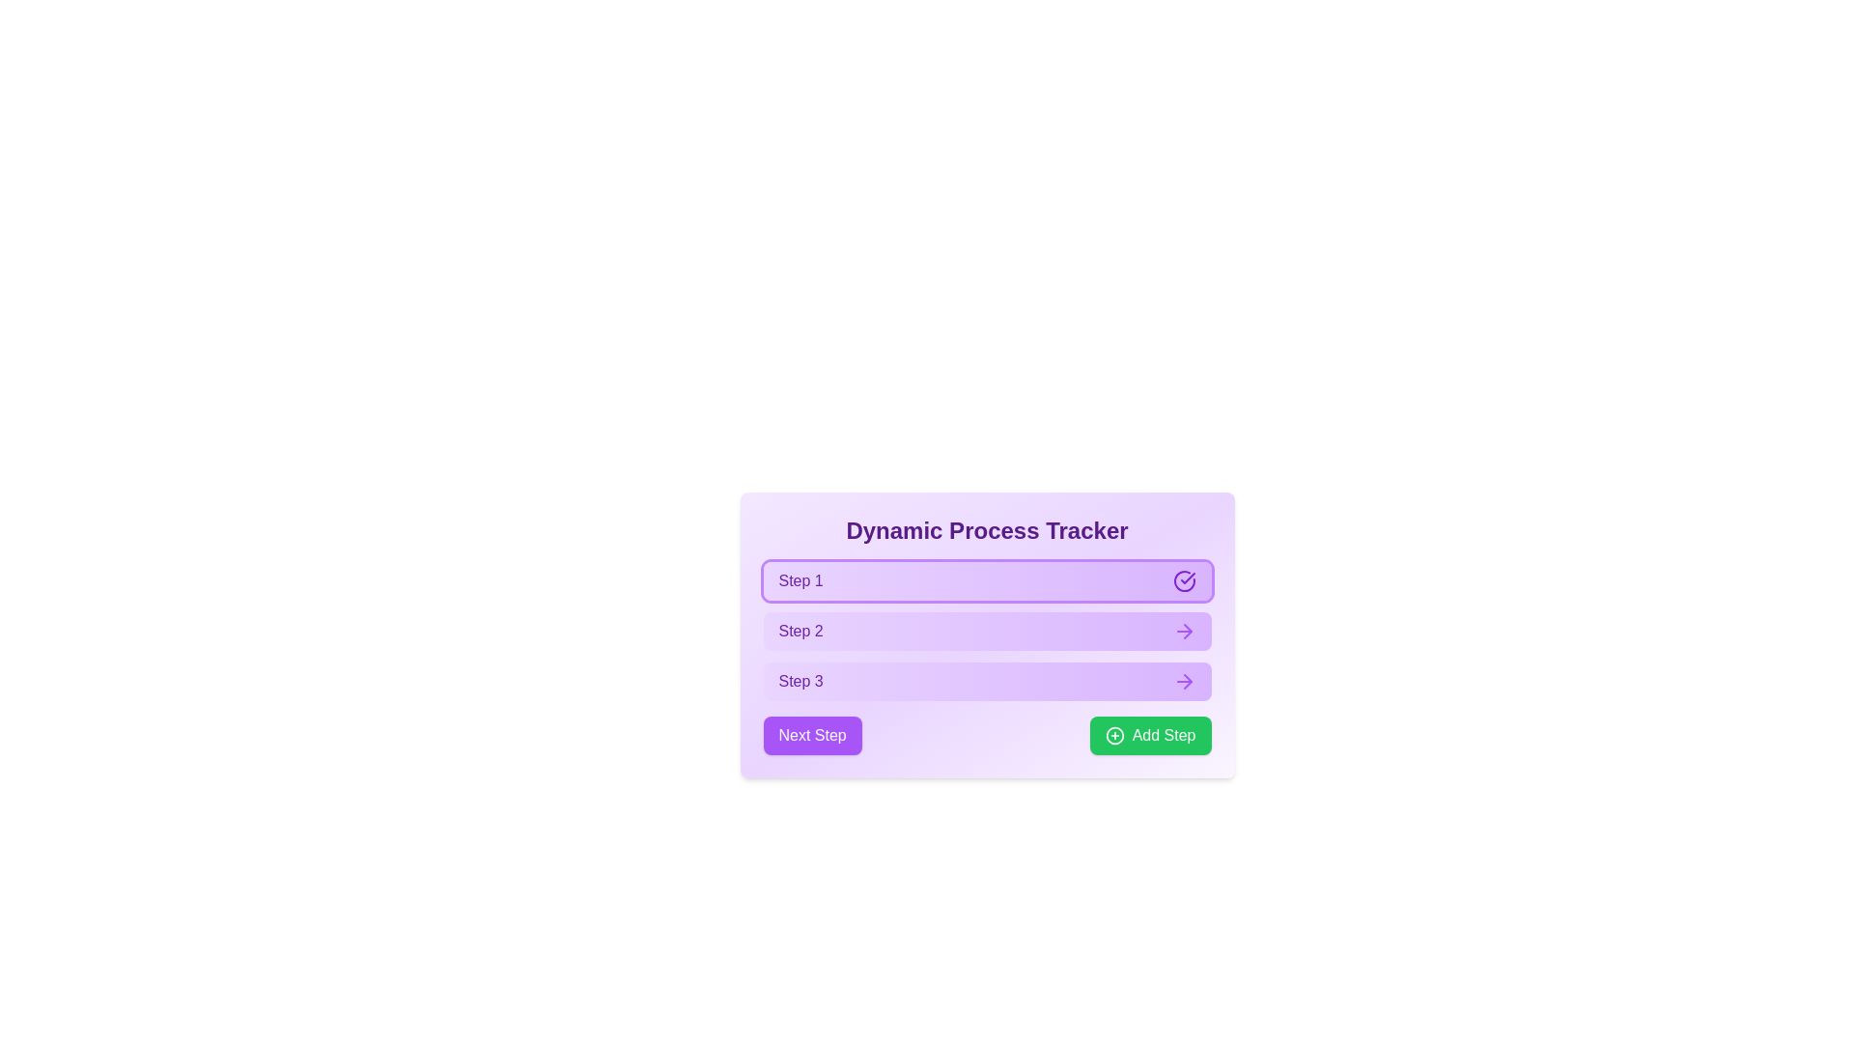  I want to click on the 'Next Step' button with a purple background, so click(987, 736).